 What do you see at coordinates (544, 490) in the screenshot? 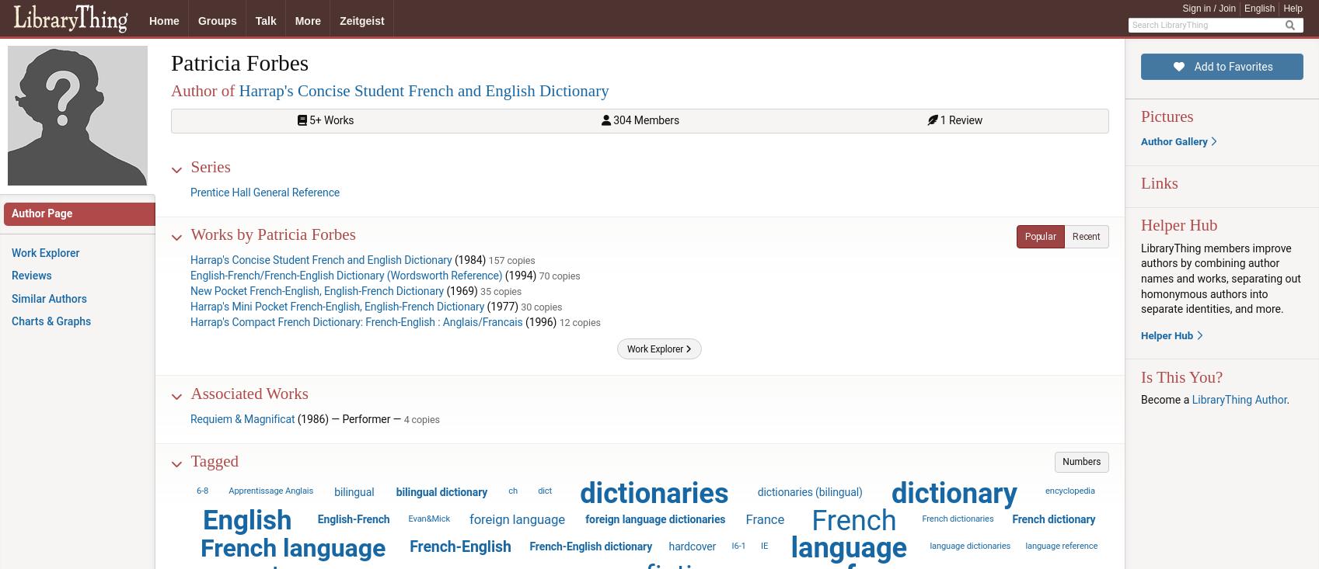
I see `'dict'` at bounding box center [544, 490].